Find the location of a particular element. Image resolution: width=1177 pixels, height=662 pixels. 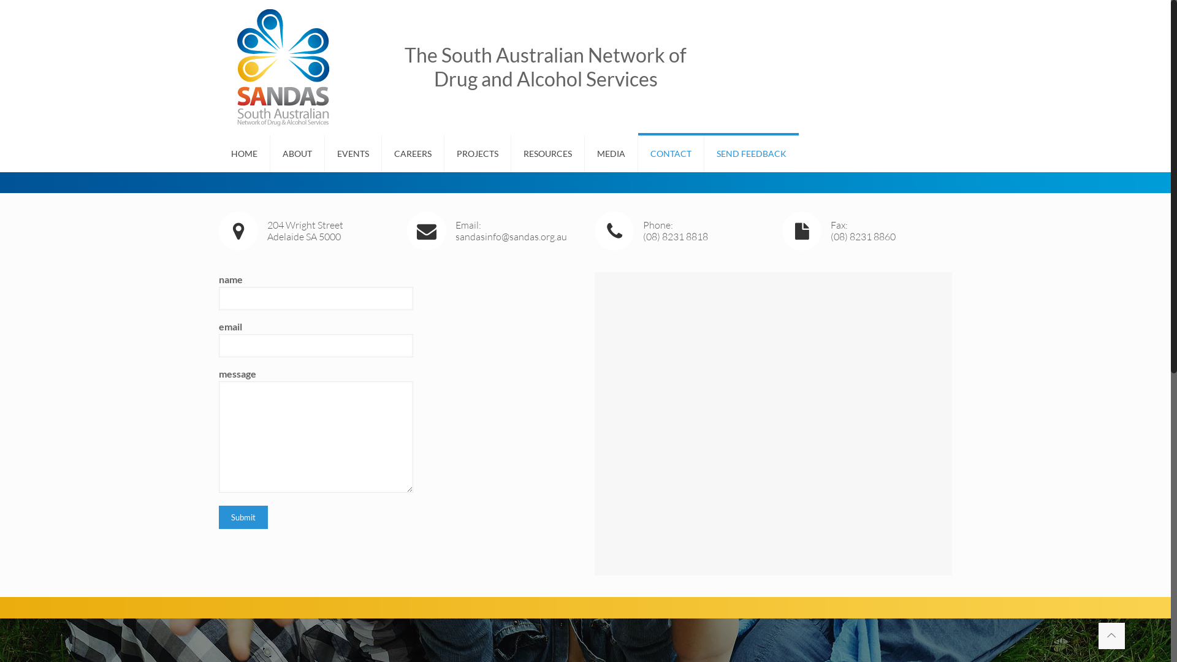

'PROJECTS' is located at coordinates (477, 153).